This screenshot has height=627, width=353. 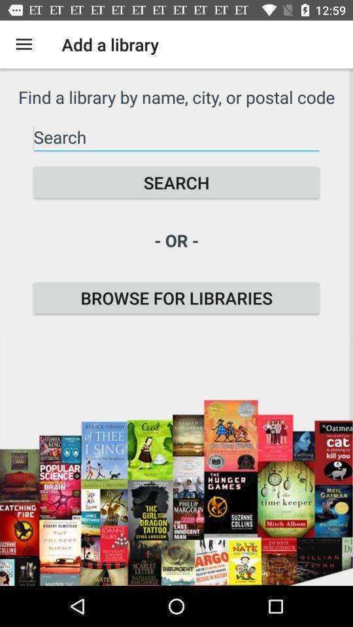 I want to click on the icon to the left of add a library icon, so click(x=24, y=44).